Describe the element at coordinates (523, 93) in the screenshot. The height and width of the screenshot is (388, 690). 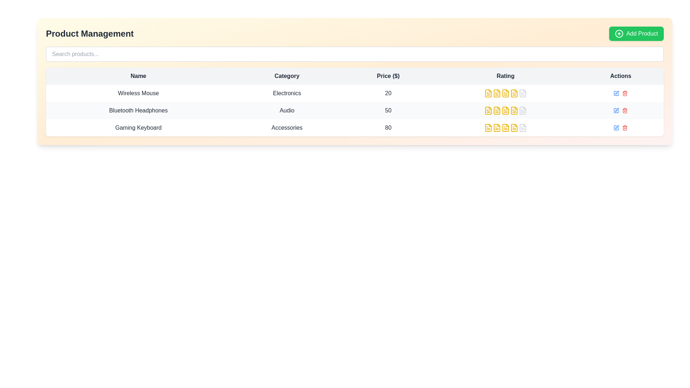
I see `the fifth icon in the 'Rating' column of the first row, which represents a rating option for the 'Wireless Mouse' item` at that location.